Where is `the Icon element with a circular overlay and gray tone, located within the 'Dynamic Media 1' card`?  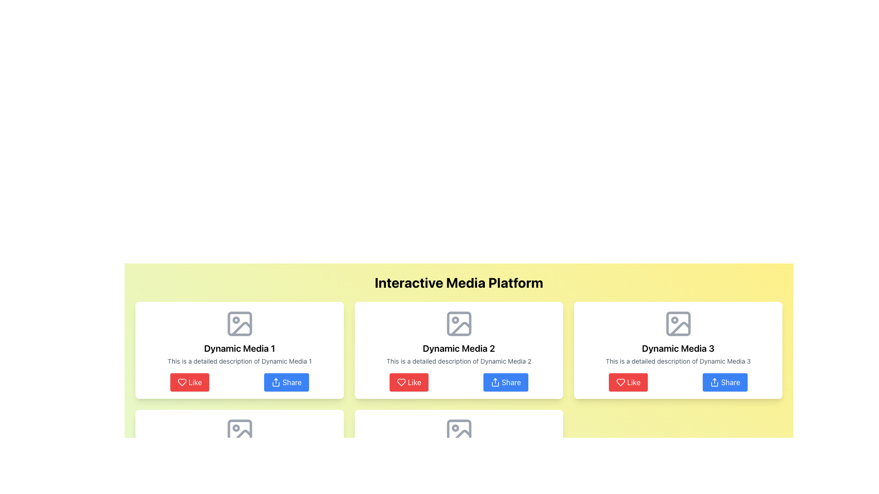 the Icon element with a circular overlay and gray tone, located within the 'Dynamic Media 1' card is located at coordinates (239, 323).